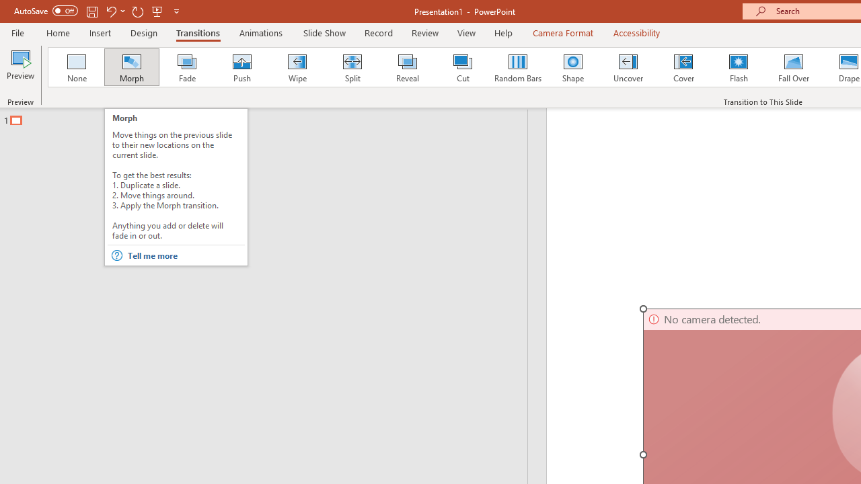  I want to click on 'Camera Format', so click(563, 32).